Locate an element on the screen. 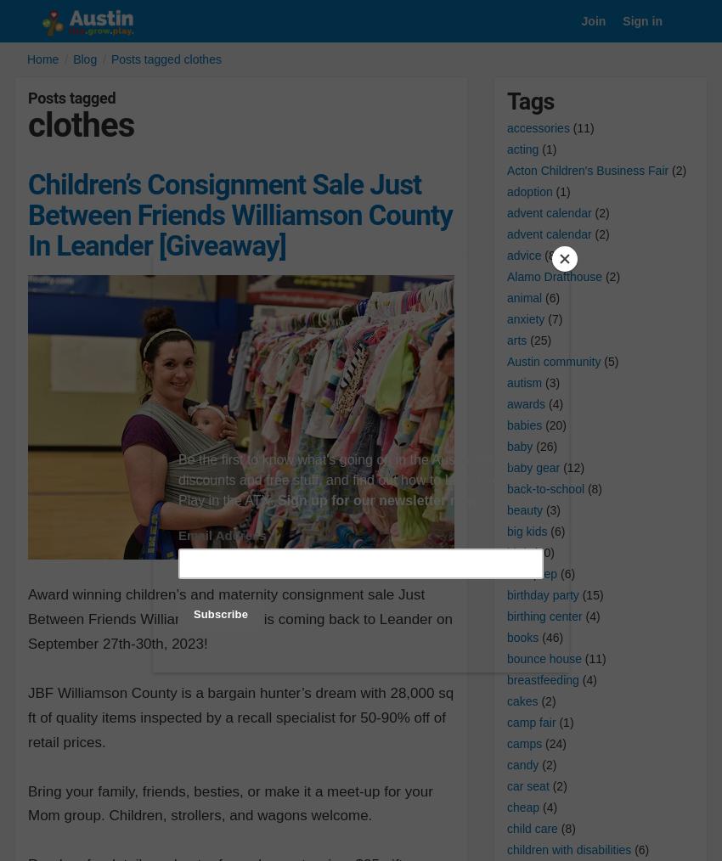  'Posts tagged' is located at coordinates (26, 98).